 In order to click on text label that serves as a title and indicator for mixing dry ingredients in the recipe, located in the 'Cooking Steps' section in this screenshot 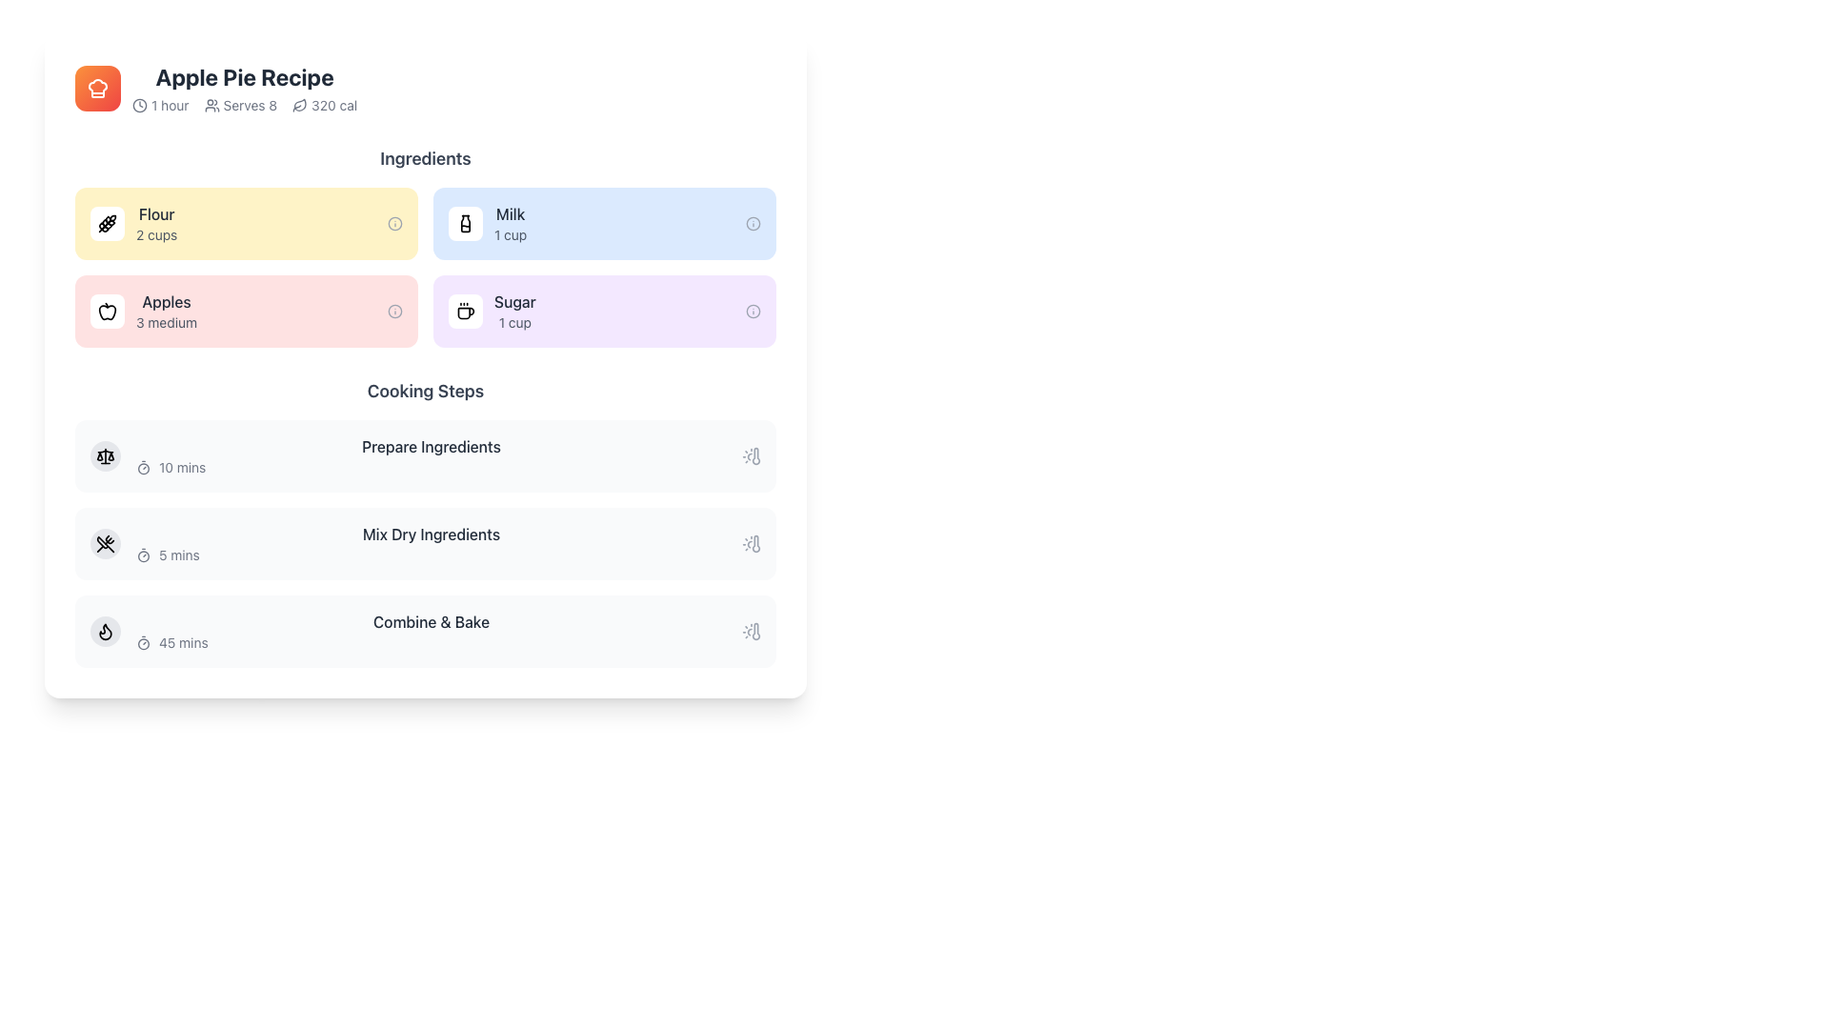, I will do `click(430, 534)`.